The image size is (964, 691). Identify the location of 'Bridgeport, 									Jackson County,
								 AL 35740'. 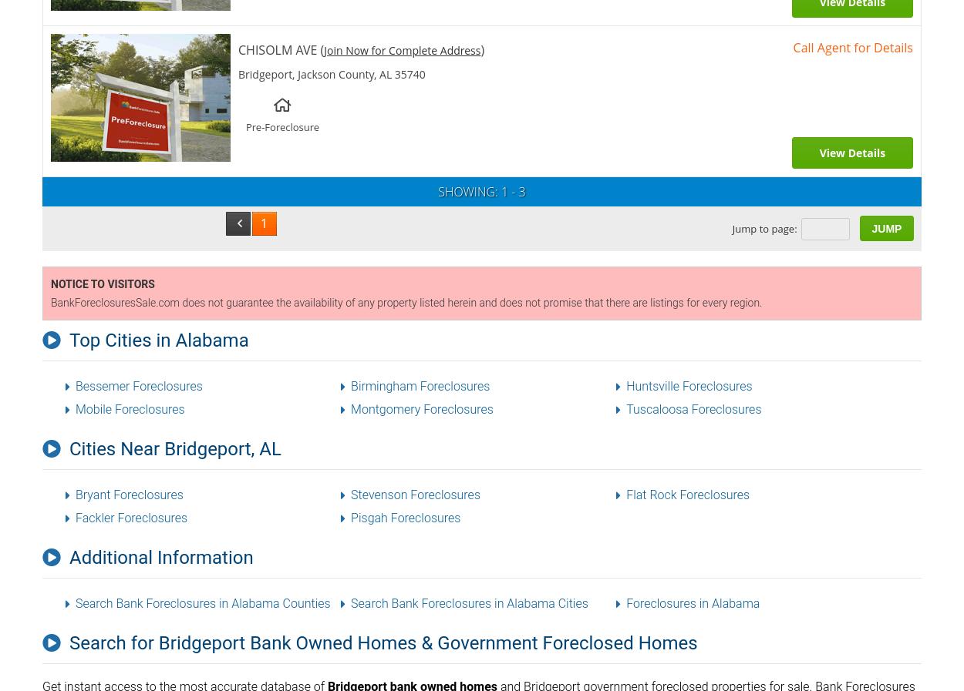
(331, 73).